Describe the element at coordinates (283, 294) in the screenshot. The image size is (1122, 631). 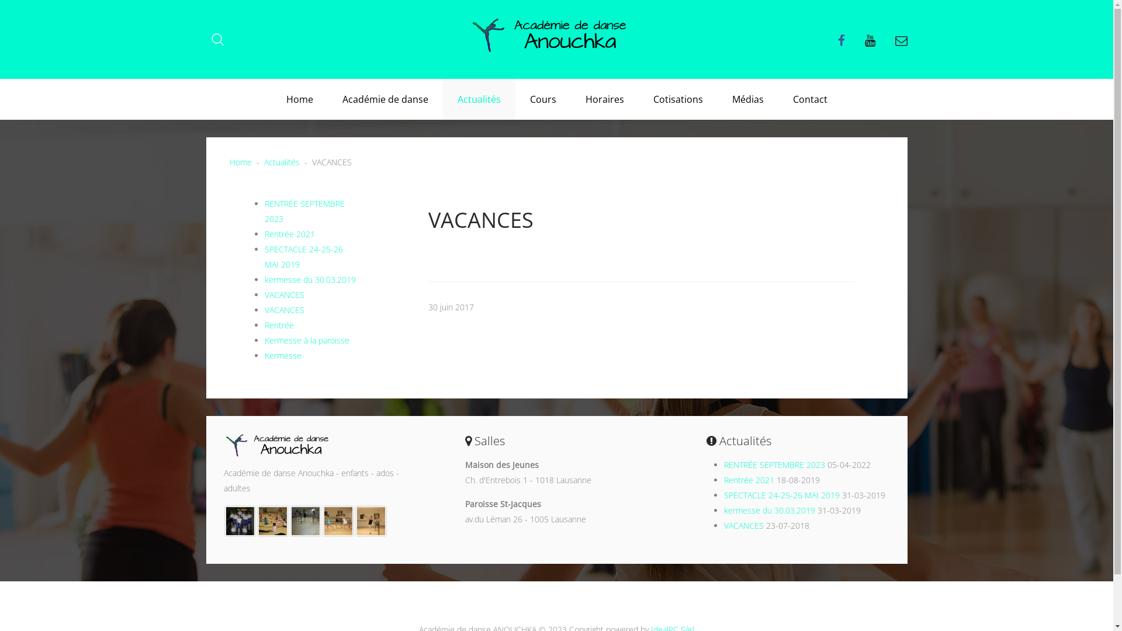
I see `'VACANCES'` at that location.